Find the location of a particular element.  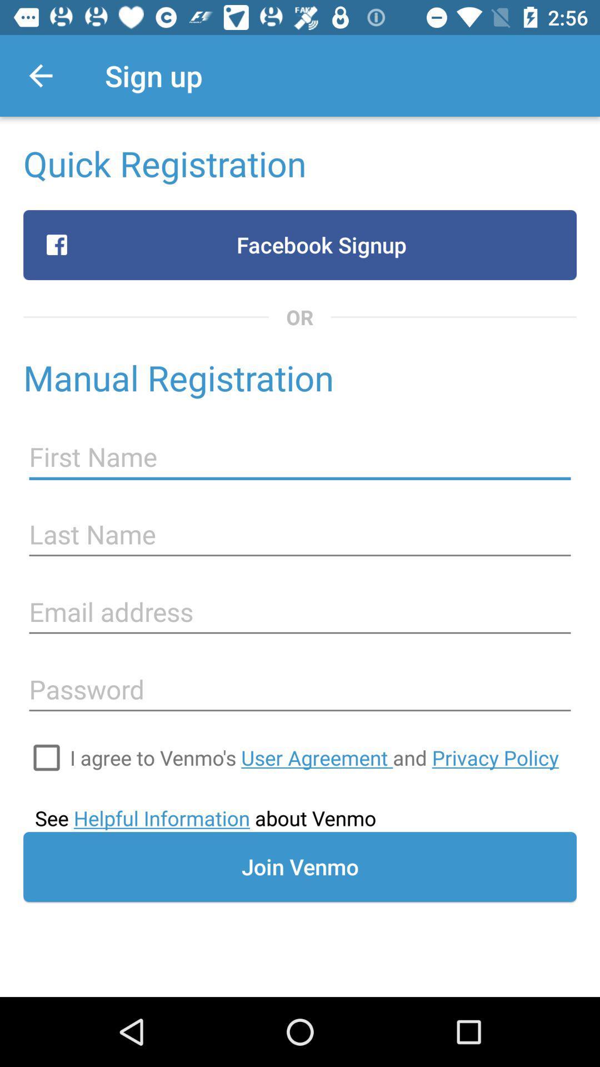

your last name is located at coordinates (300, 535).